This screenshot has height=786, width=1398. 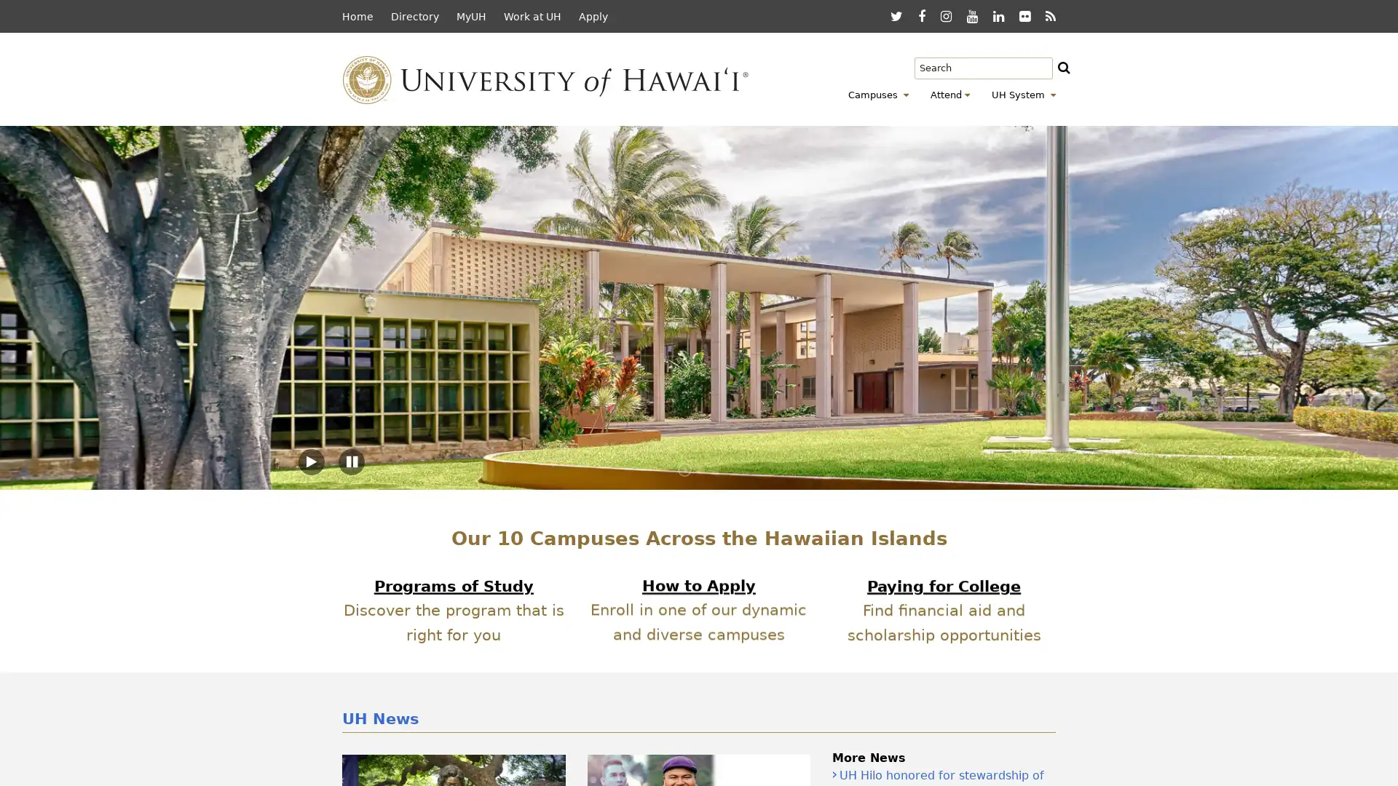 I want to click on go to slide number 1, so click(x=684, y=469).